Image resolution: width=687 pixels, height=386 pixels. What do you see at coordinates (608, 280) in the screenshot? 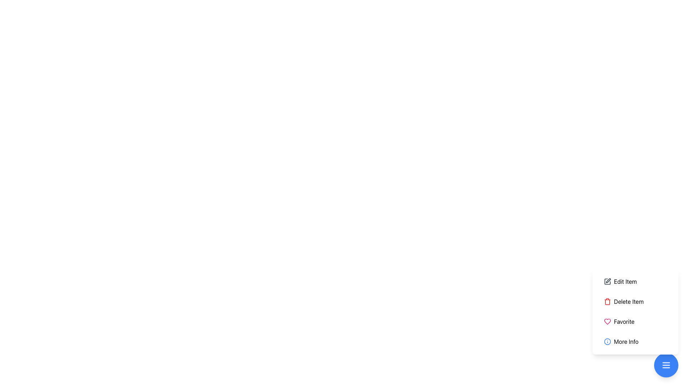
I see `the pen icon, which symbolizes edit functionalities, located at the top-right part of the interface` at bounding box center [608, 280].